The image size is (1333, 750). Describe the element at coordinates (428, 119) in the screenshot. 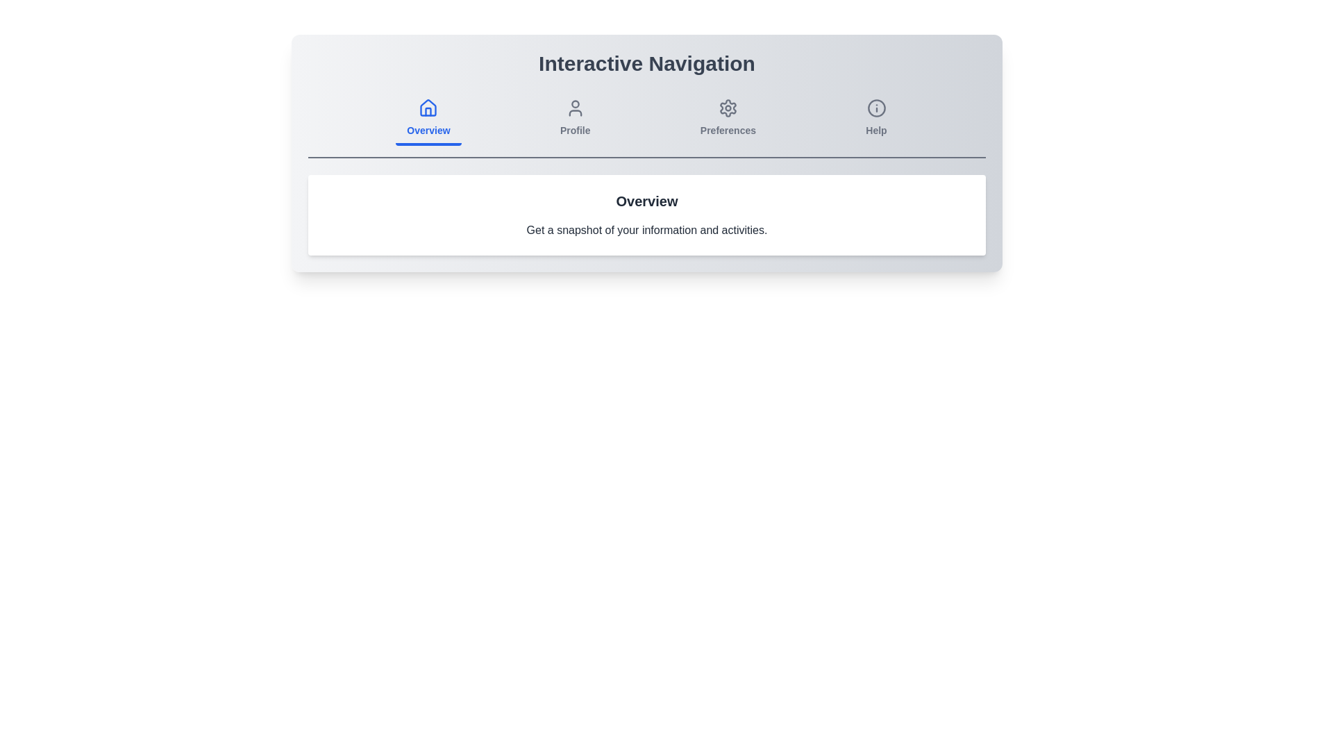

I see `the active tab labeled 'Overview'` at that location.